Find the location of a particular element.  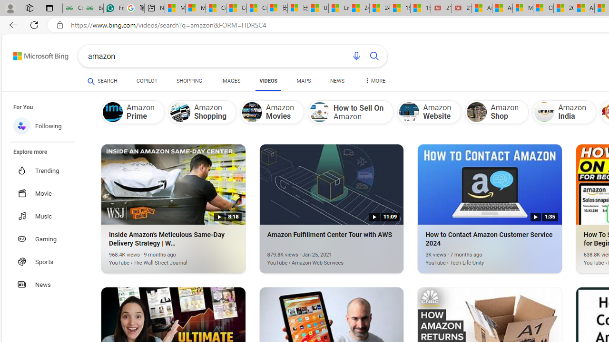

'NEWS' is located at coordinates (337, 82).